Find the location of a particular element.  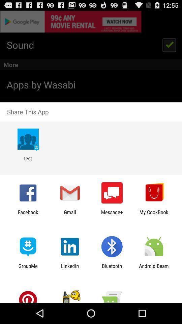

test app is located at coordinates (28, 161).